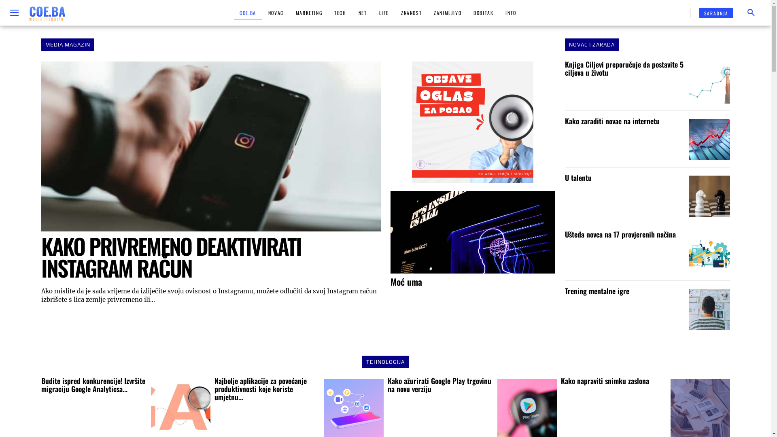 This screenshot has width=777, height=437. I want to click on 'NOVAC I ZARADA', so click(592, 45).